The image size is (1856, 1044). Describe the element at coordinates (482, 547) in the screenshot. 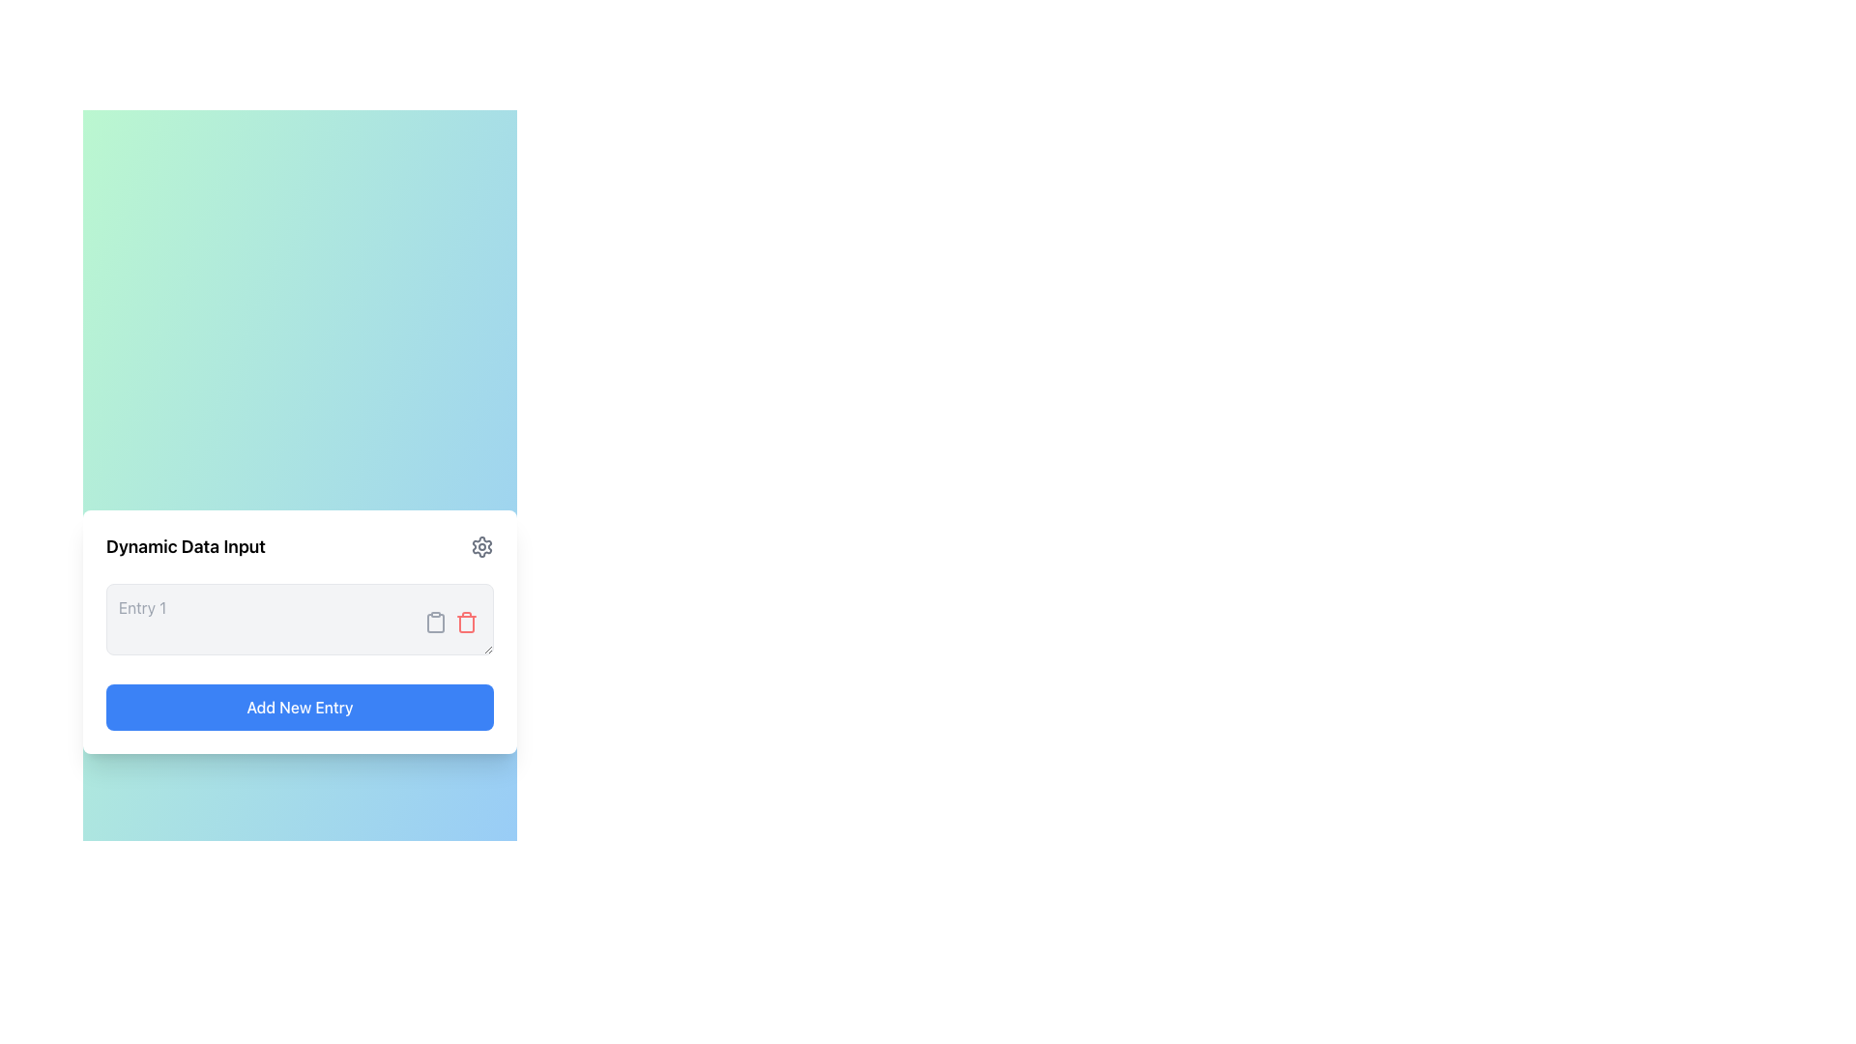

I see `the gear/settings icon located in the header section of the panel, aligned to the far right next to the 'Dynamic Data Input' title` at that location.